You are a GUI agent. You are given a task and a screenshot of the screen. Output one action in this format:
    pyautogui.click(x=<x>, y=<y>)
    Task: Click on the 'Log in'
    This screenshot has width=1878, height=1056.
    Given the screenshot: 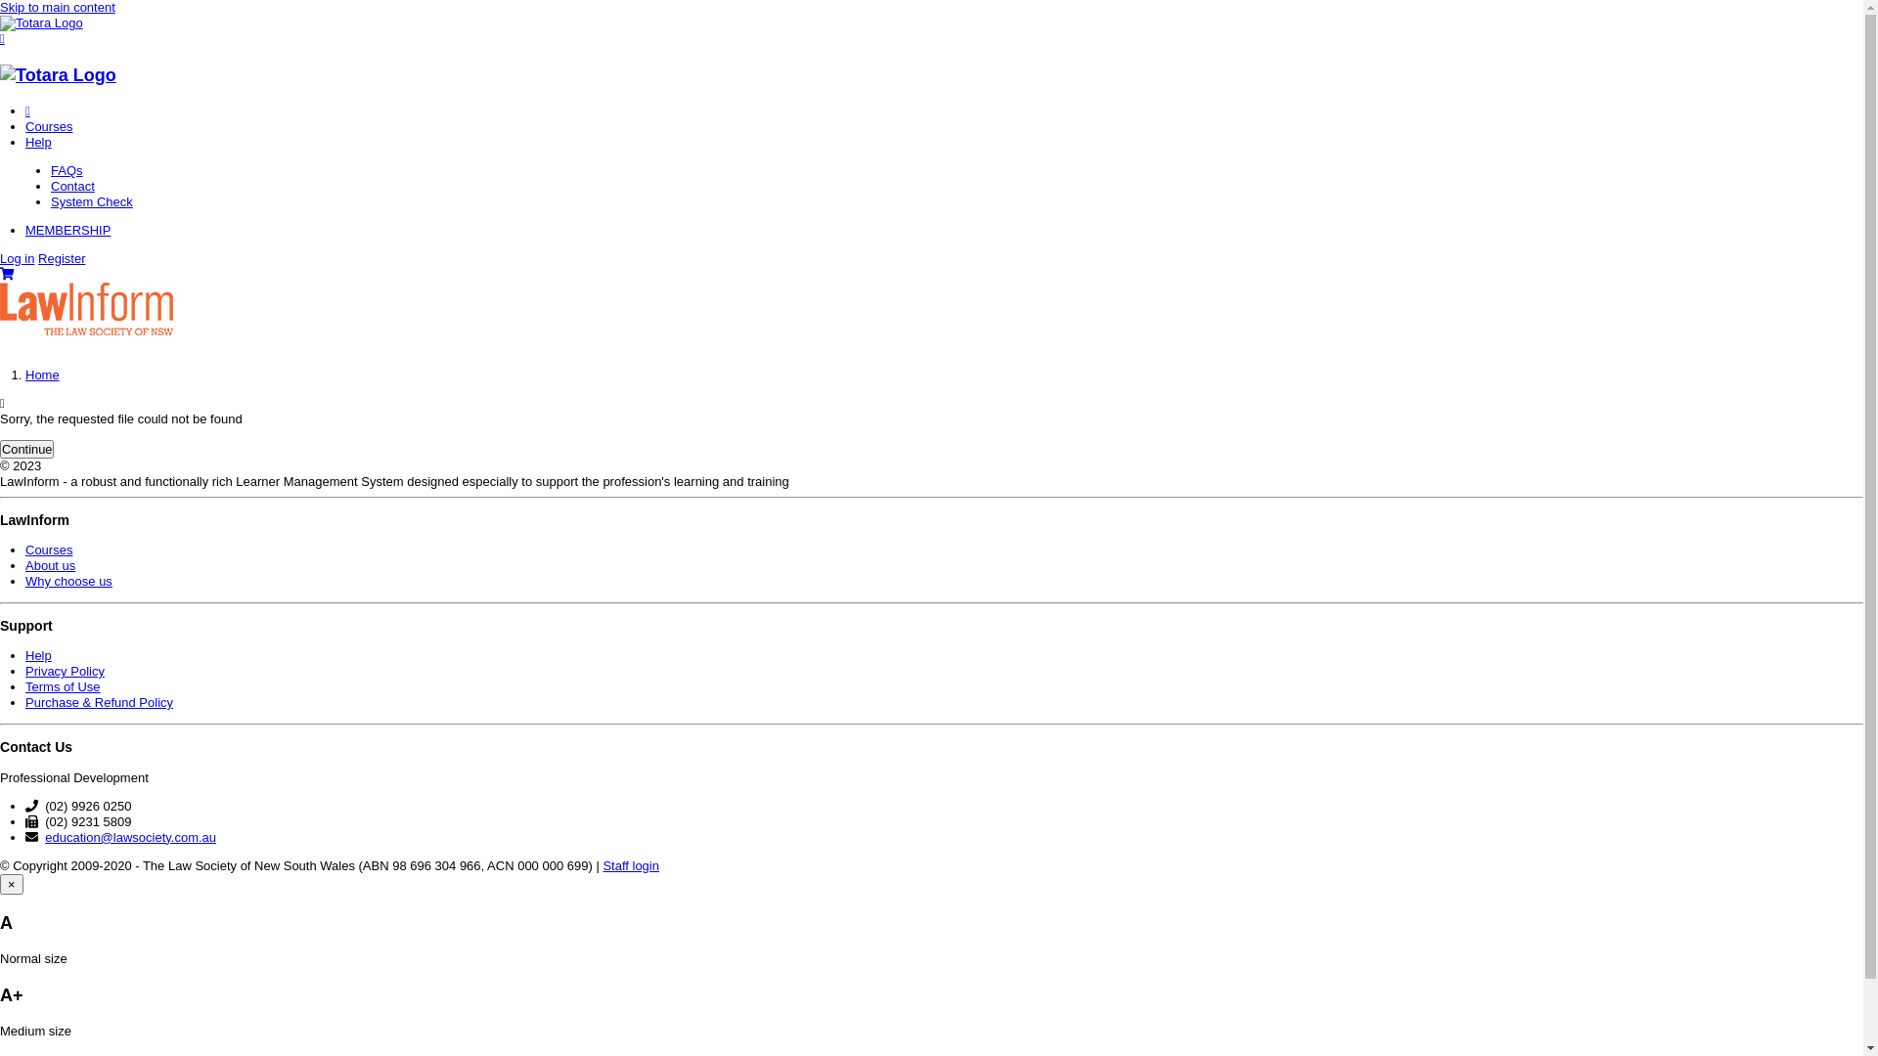 What is the action you would take?
    pyautogui.click(x=17, y=257)
    